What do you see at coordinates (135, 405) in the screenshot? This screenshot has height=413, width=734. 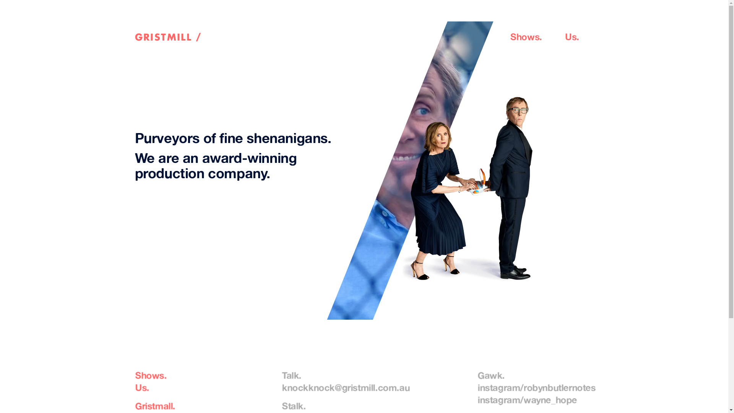 I see `'Gristmall.'` at bounding box center [135, 405].